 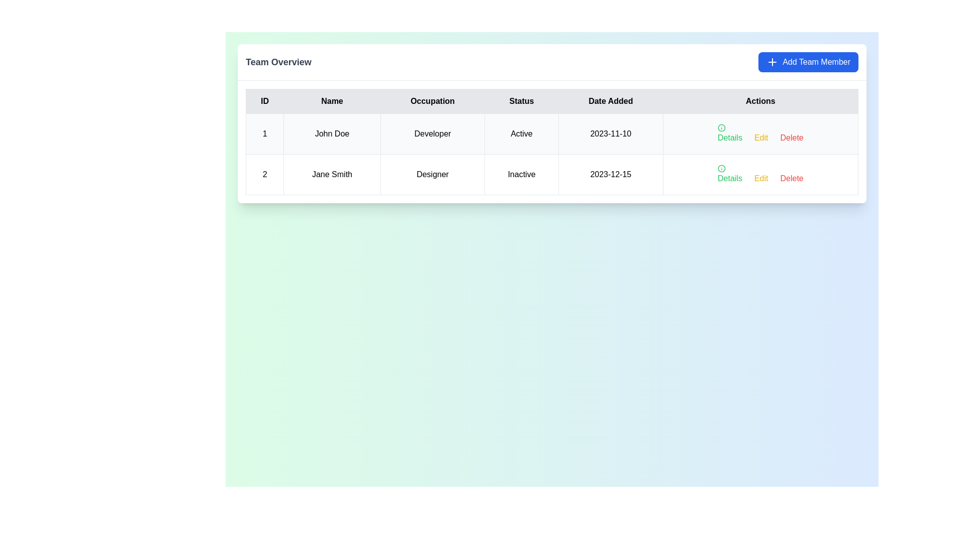 I want to click on the red 'Delete' button, which is the third option in the 'Actions' column of the second row in the table, so click(x=791, y=178).